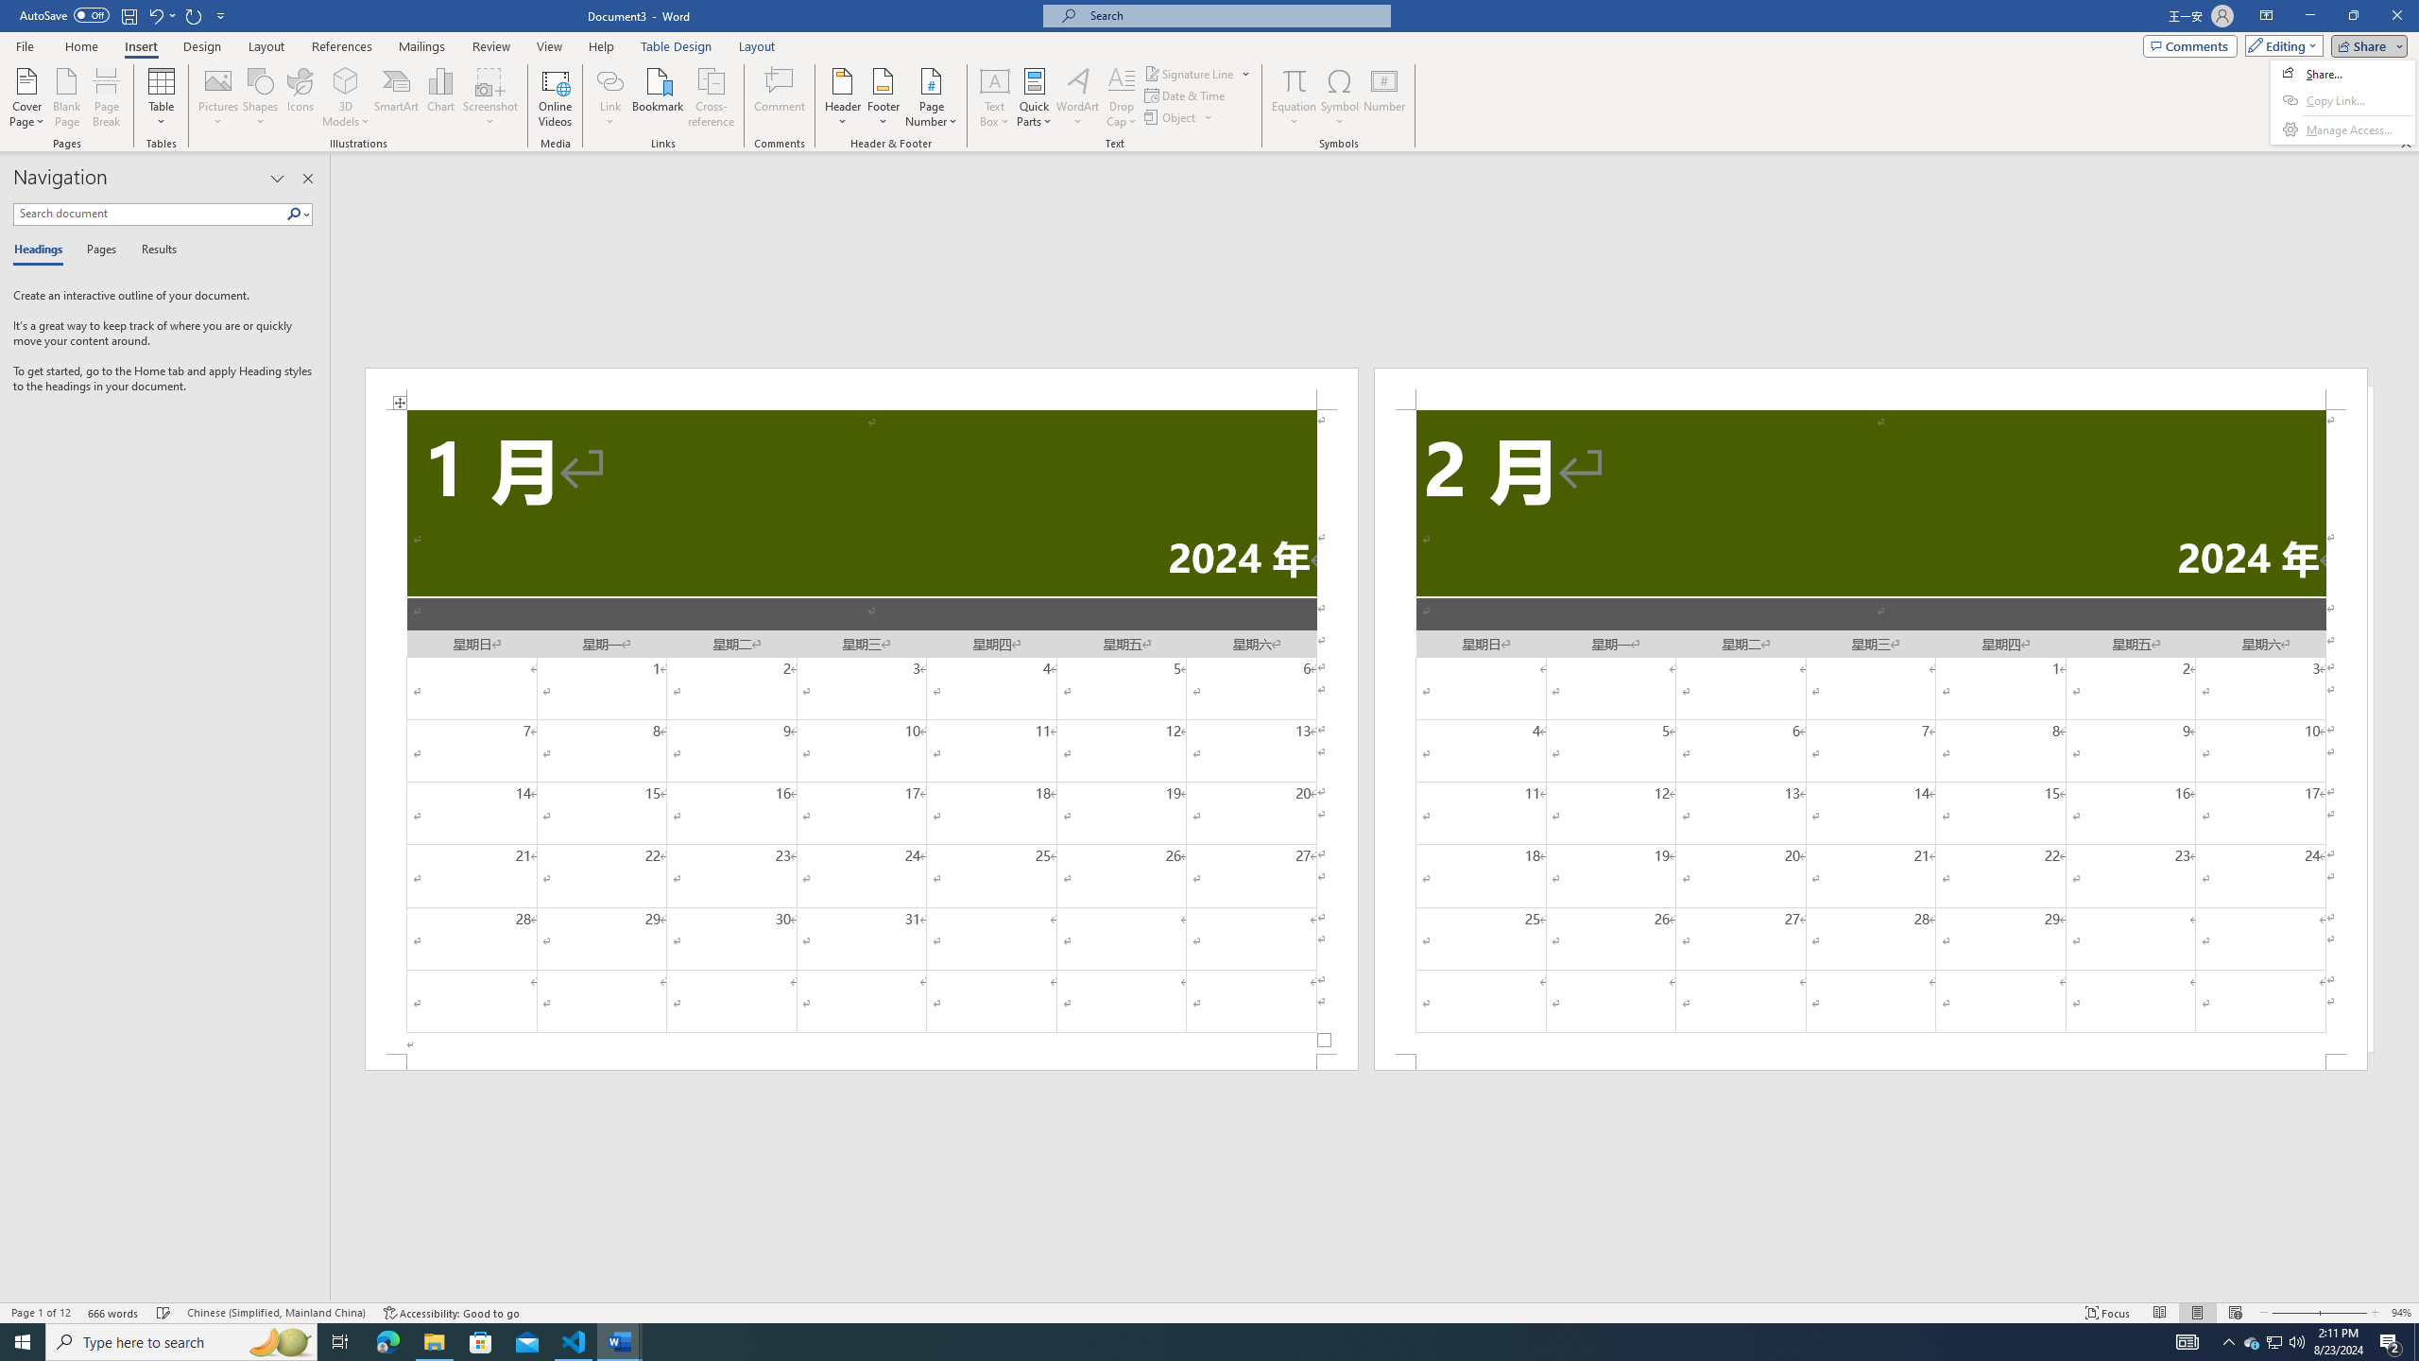 This screenshot has width=2419, height=1361. I want to click on 'Drop Cap', so click(1121, 97).